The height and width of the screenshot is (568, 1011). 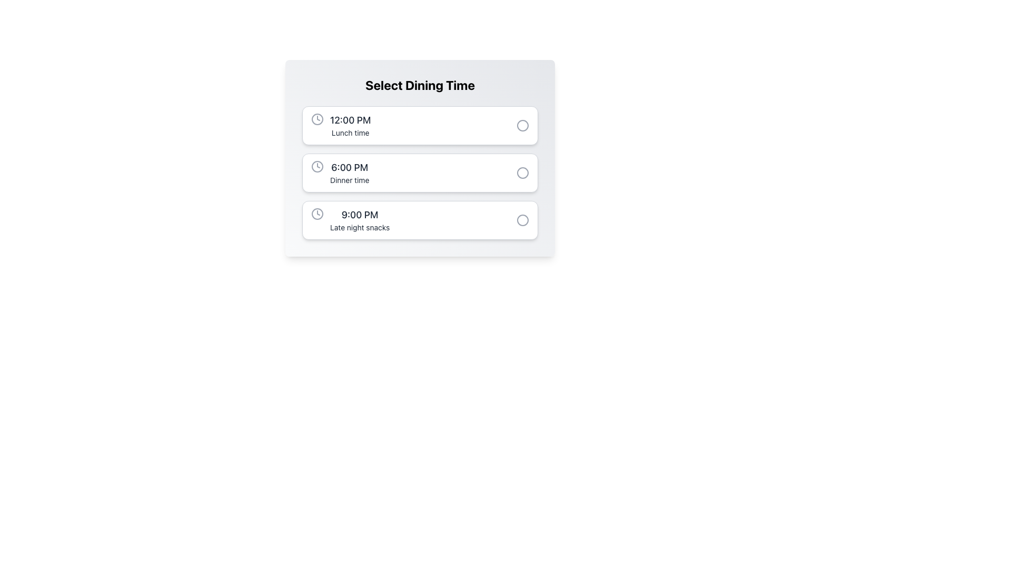 I want to click on the first selectable dining time option, which displays a clock icon followed by '12:00 PM' and 'Lunch time', so click(x=341, y=125).